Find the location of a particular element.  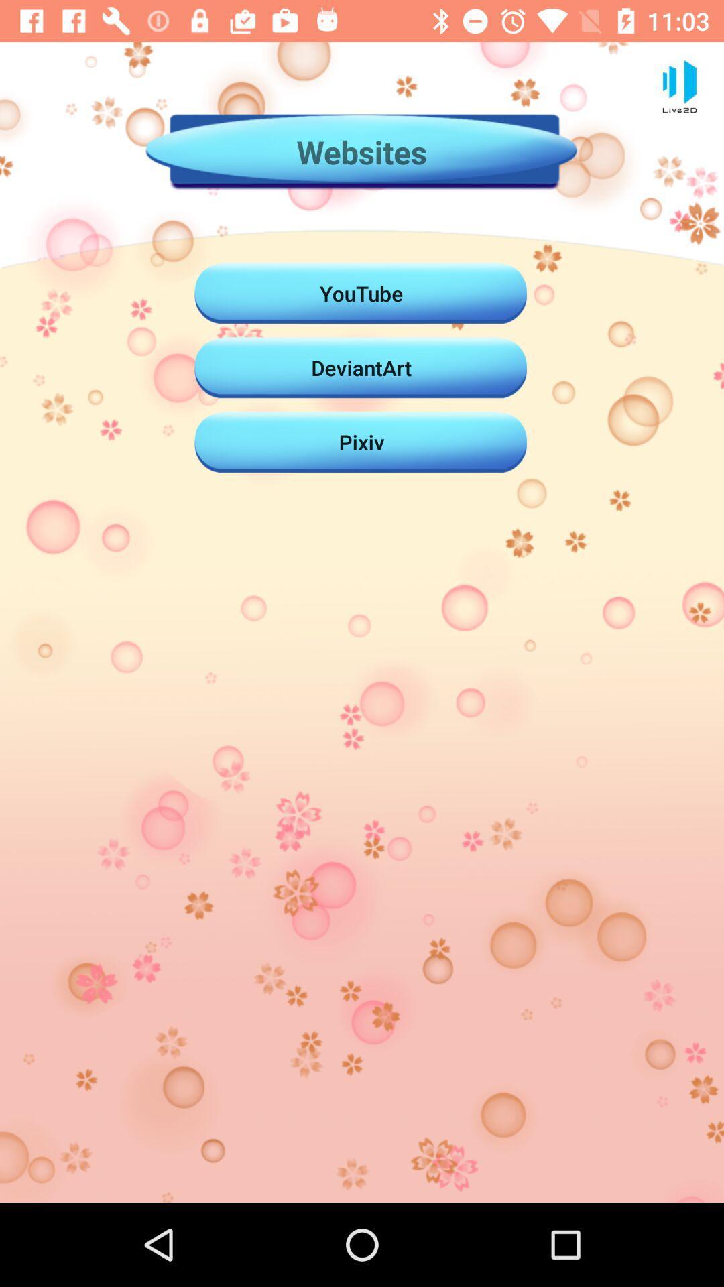

the icon above the pixiv is located at coordinates (361, 367).